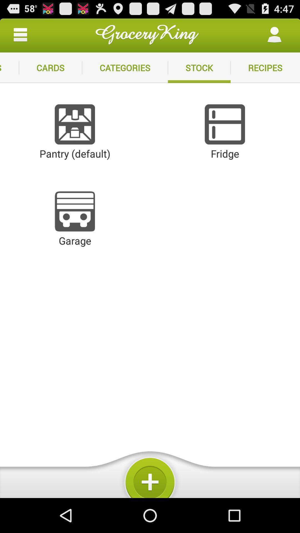 The height and width of the screenshot is (533, 300). I want to click on the item next to the stock app, so click(125, 67).